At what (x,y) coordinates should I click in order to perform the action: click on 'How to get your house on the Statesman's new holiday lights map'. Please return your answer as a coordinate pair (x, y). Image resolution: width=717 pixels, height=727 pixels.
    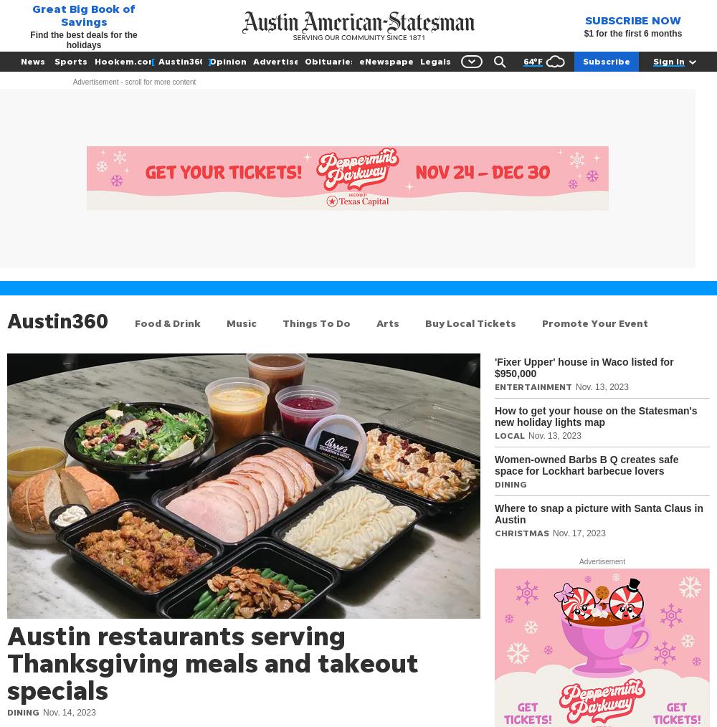
    Looking at the image, I should click on (595, 416).